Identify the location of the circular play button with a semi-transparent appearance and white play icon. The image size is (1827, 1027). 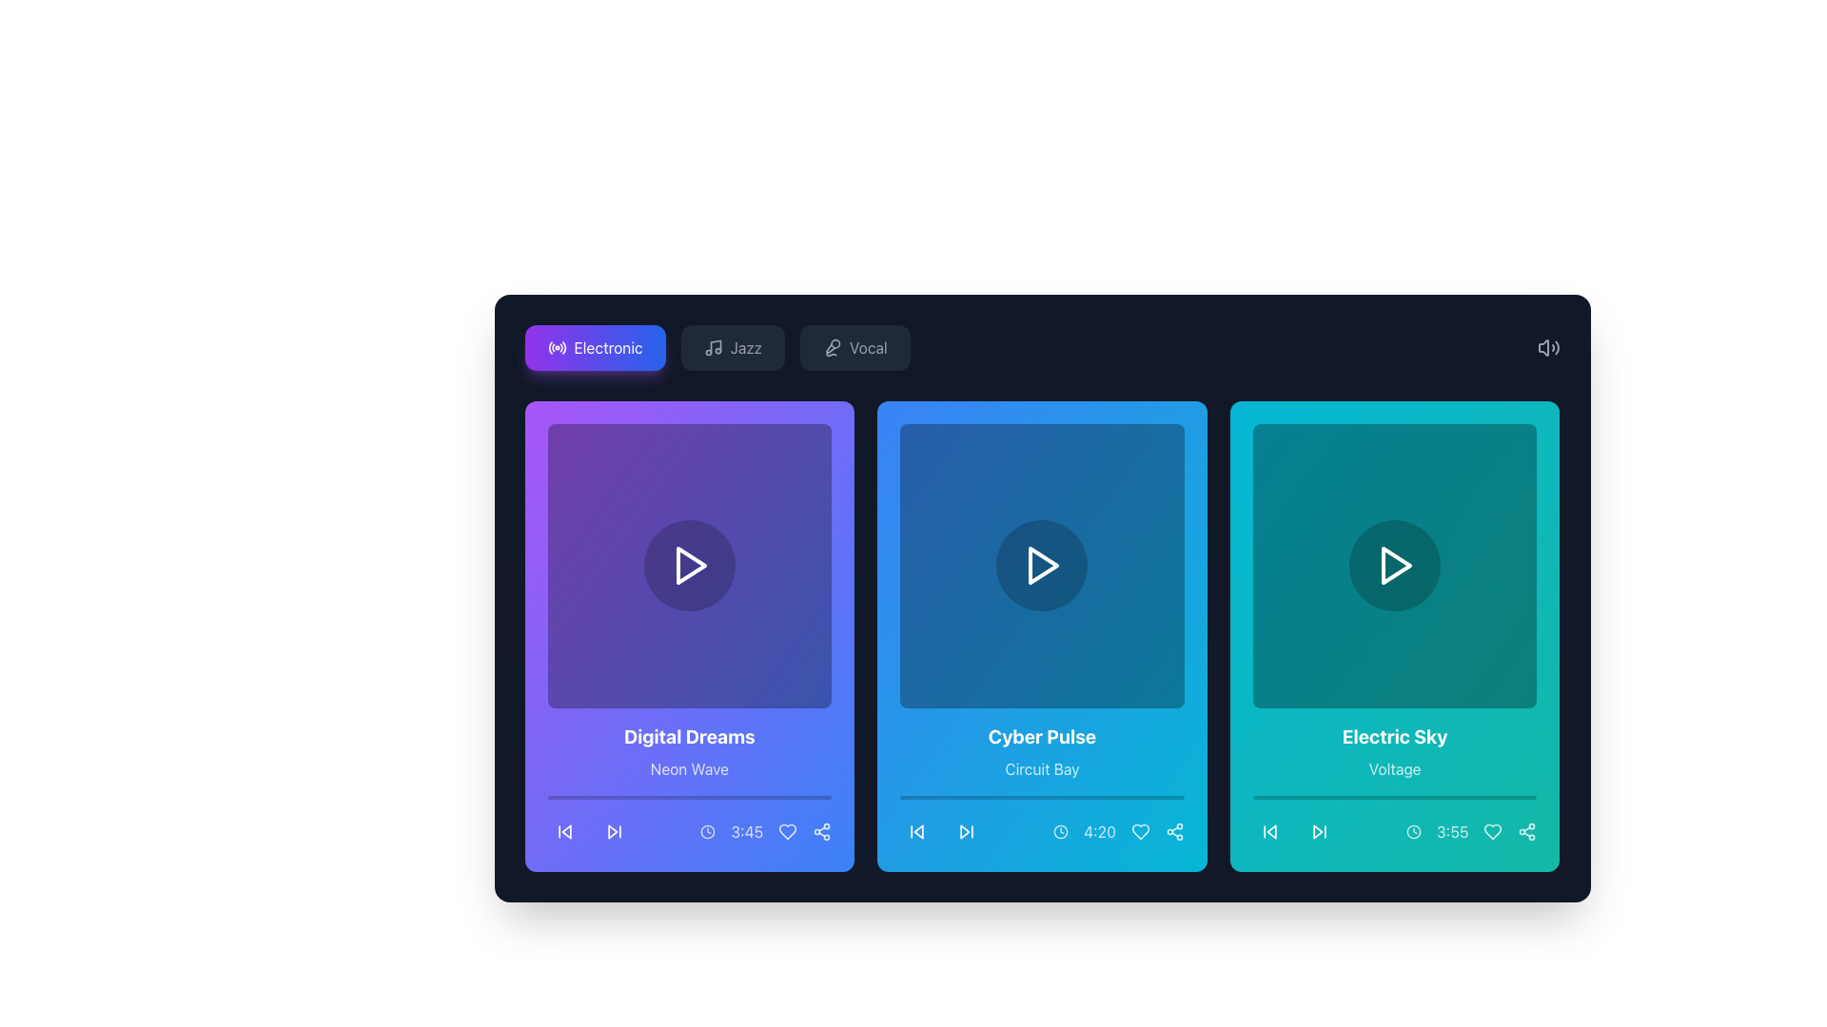
(1041, 565).